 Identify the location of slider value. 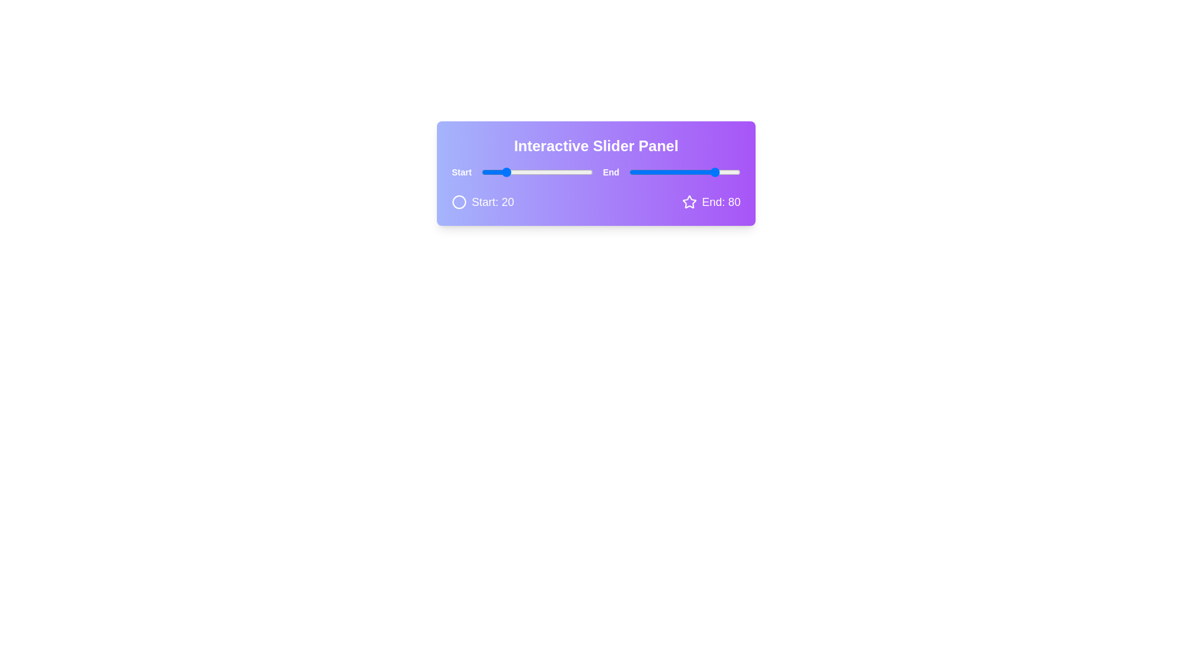
(578, 172).